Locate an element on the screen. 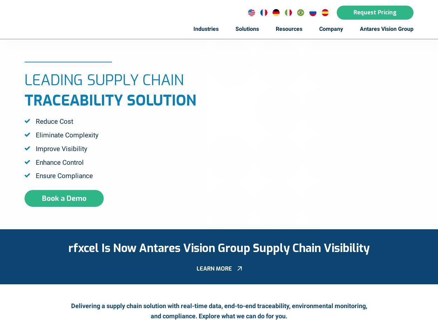  'Enhance Control' is located at coordinates (60, 162).